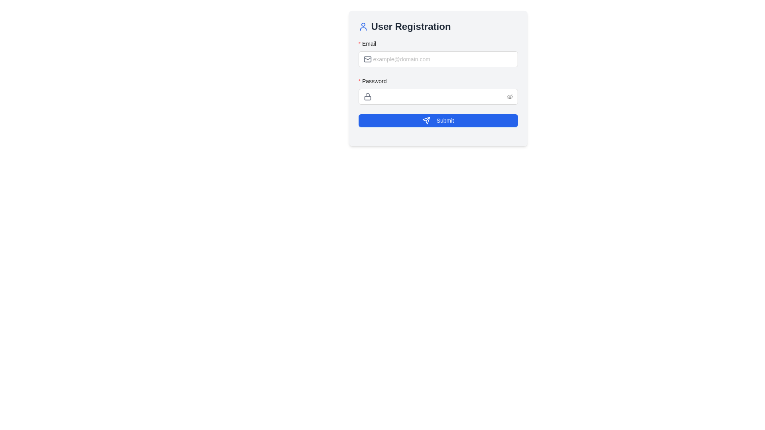  I want to click on the small triangular icon resembling a paper airplane, which is located to the left of the 'Submit' text in the primary button at the bottom of the form, so click(426, 121).